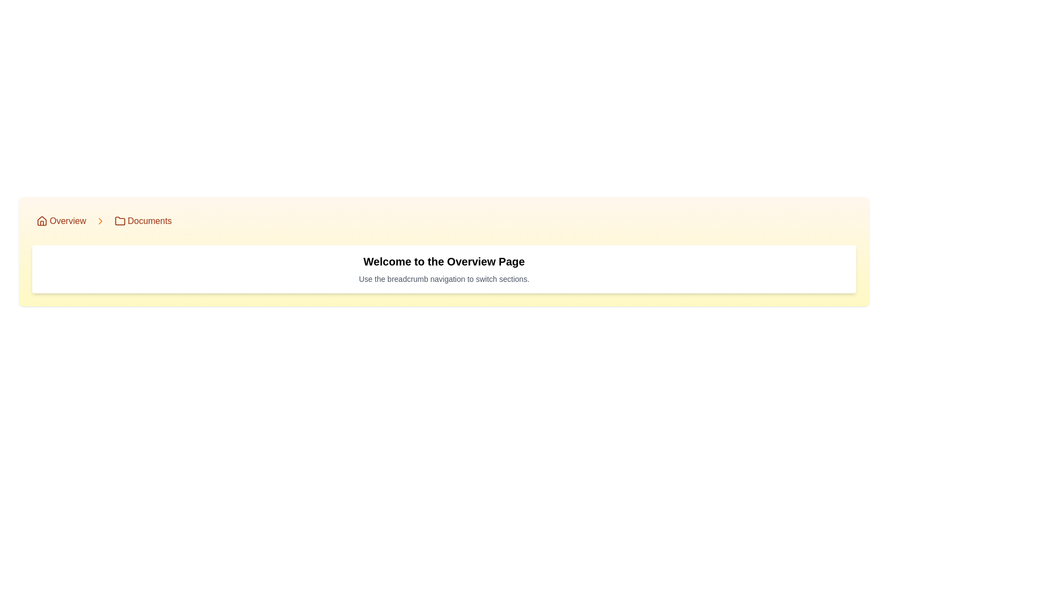  I want to click on the static decorative SVG icon representing a folder located in the breadcrumb navigation bar, which visually represents the 'Documents' section, so click(120, 221).